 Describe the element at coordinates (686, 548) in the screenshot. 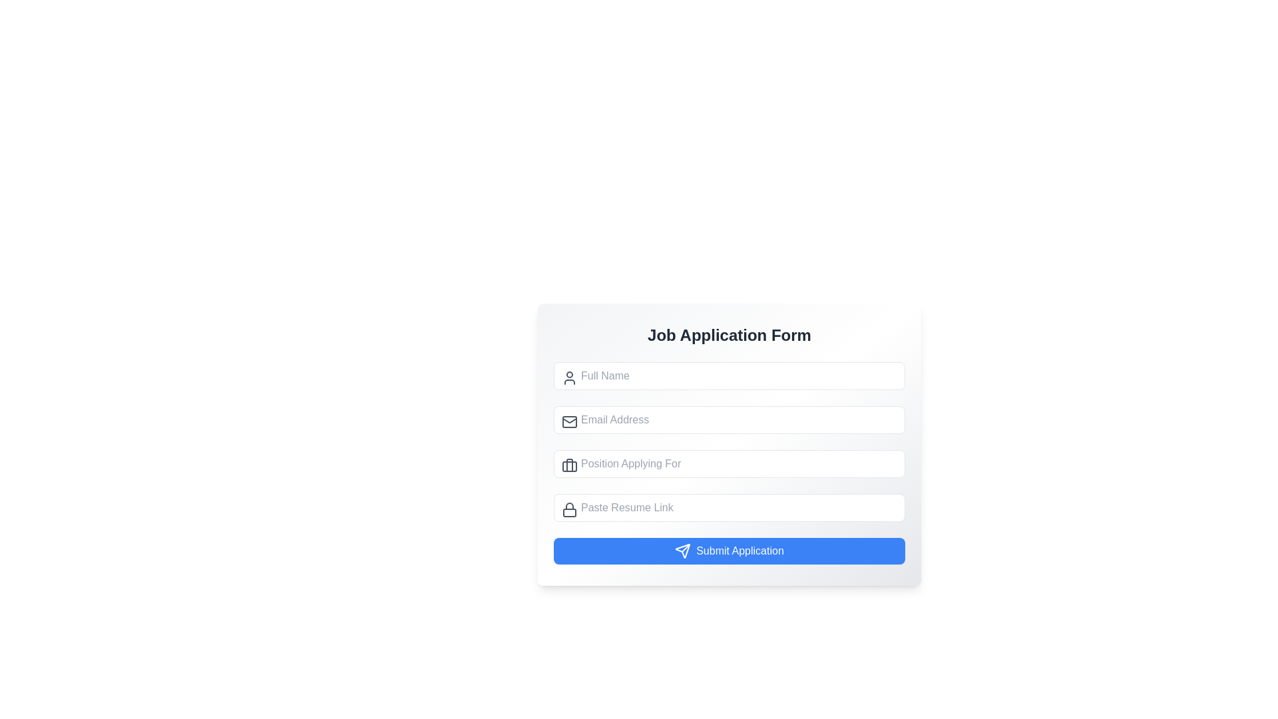

I see `the small, red, arrow-like symbol pointing towards the upper-right direction located inside the 'Submit Application' blue button at the bottom of the form` at that location.